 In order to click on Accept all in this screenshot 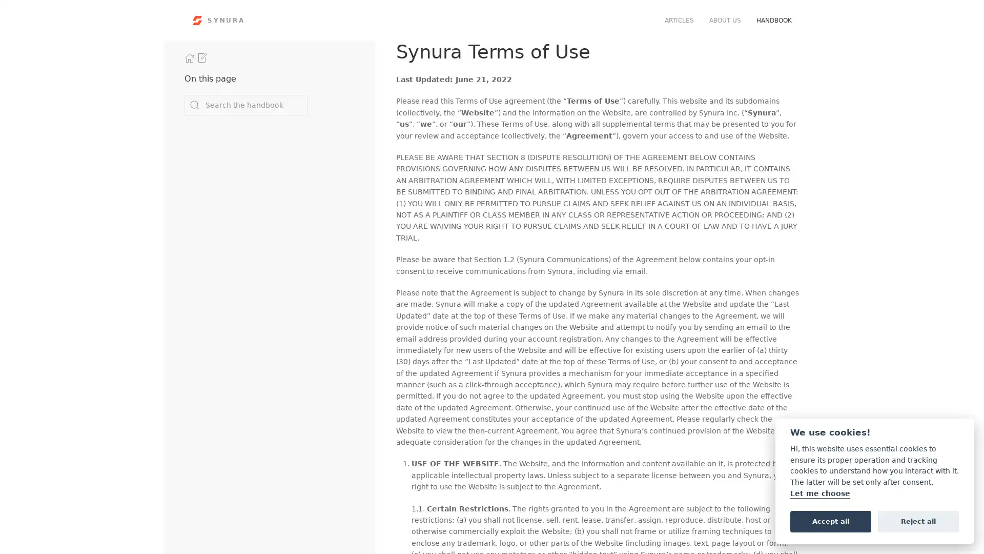, I will do `click(830, 521)`.